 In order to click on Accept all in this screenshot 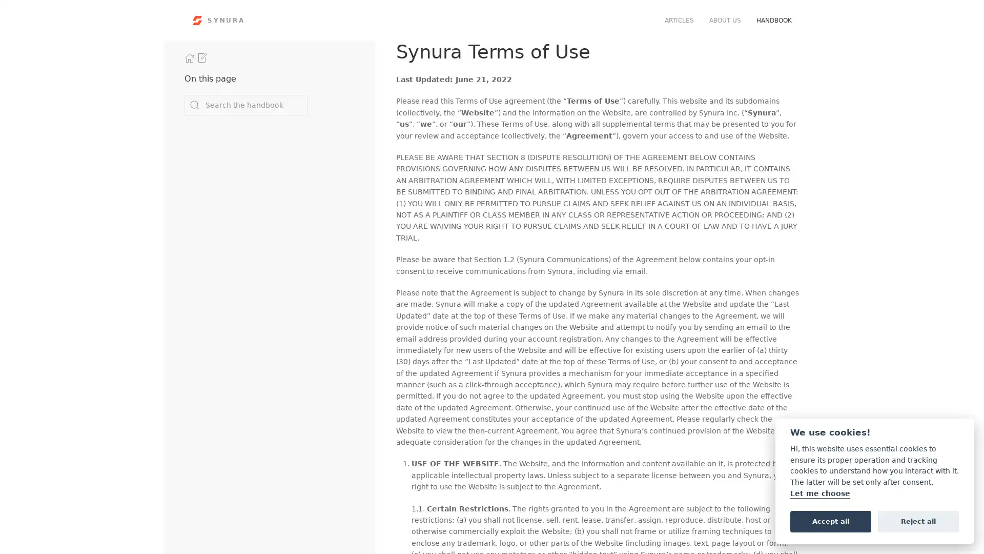, I will do `click(830, 521)`.